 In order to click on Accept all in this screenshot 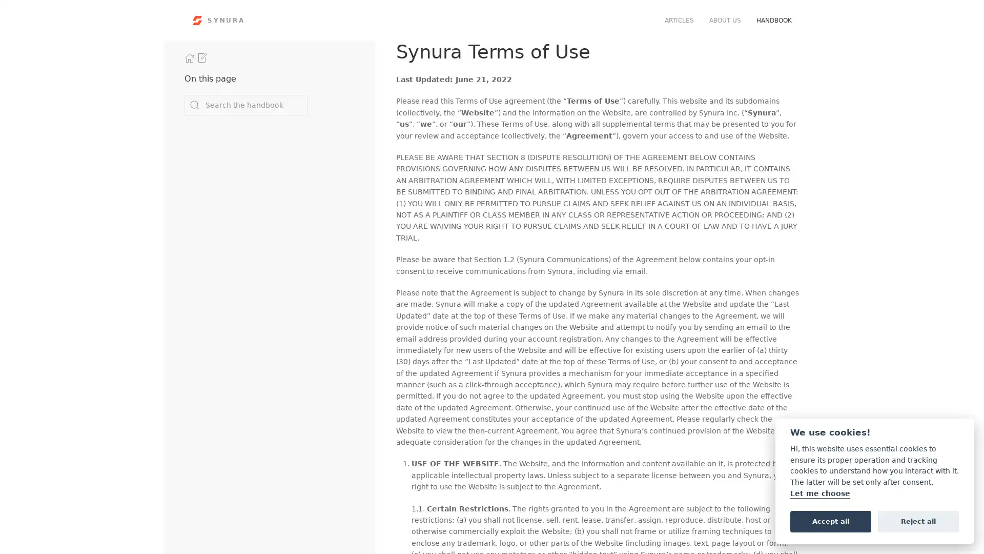, I will do `click(830, 521)`.